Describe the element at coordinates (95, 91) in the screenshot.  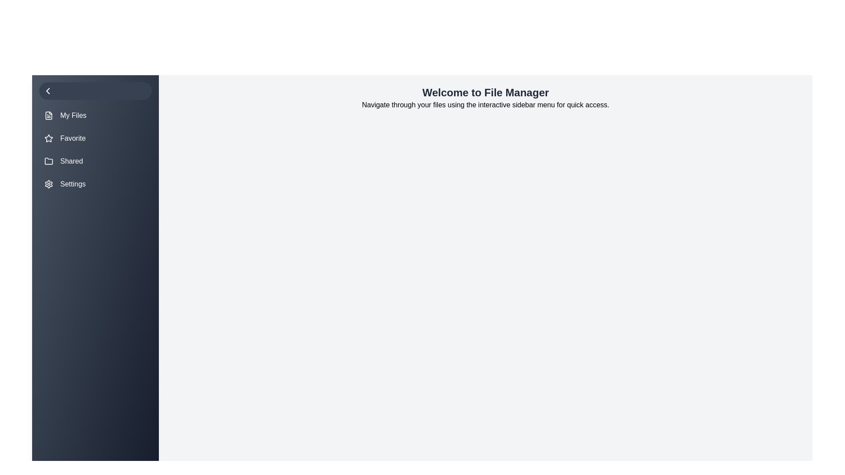
I see `arrow button to toggle the drawer` at that location.